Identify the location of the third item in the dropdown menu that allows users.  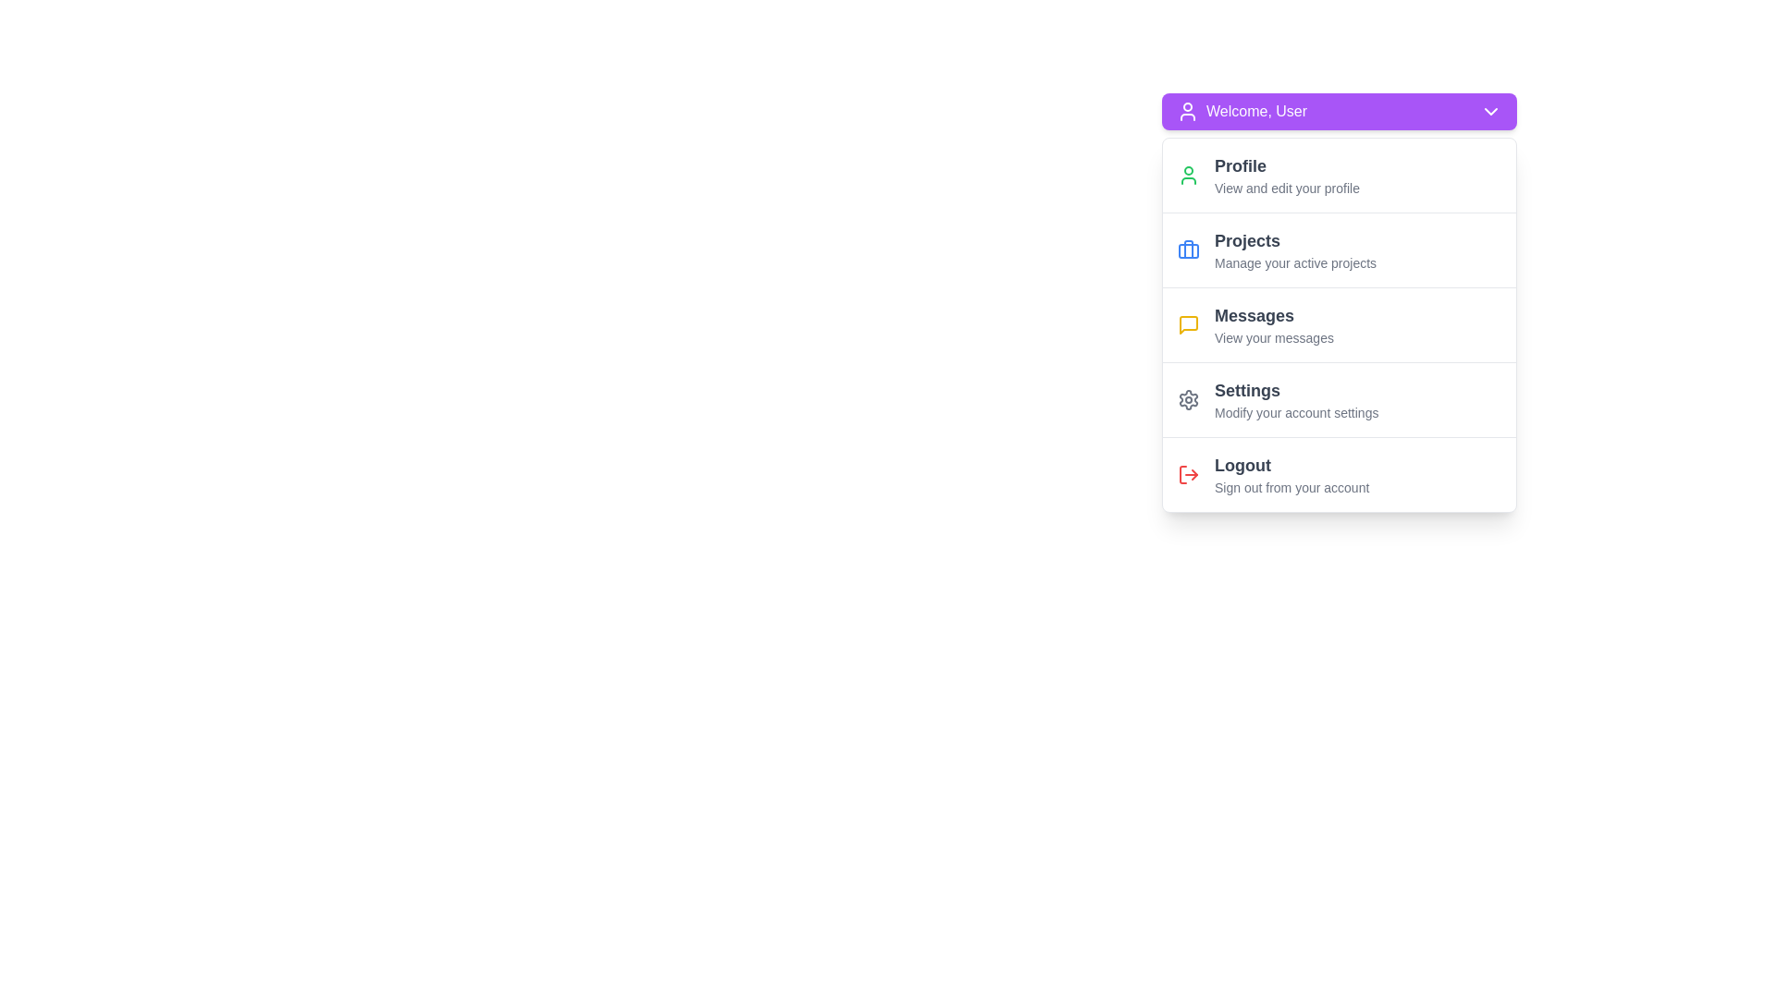
(1340, 323).